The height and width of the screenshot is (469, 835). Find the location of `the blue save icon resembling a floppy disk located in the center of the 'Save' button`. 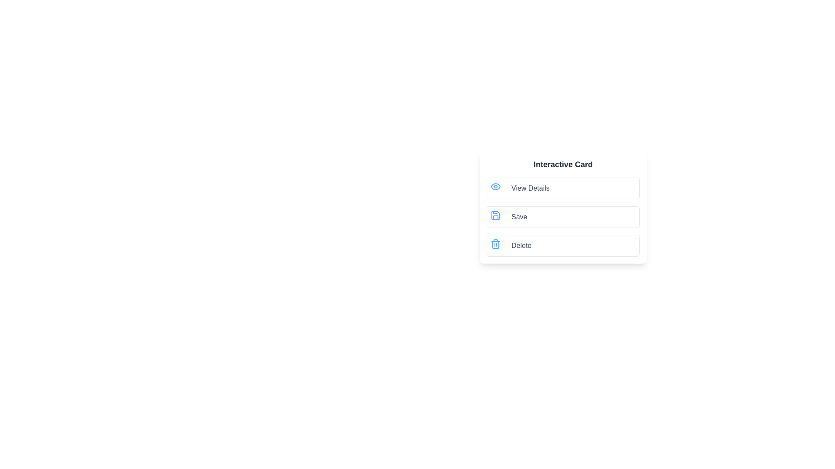

the blue save icon resembling a floppy disk located in the center of the 'Save' button is located at coordinates (496, 215).